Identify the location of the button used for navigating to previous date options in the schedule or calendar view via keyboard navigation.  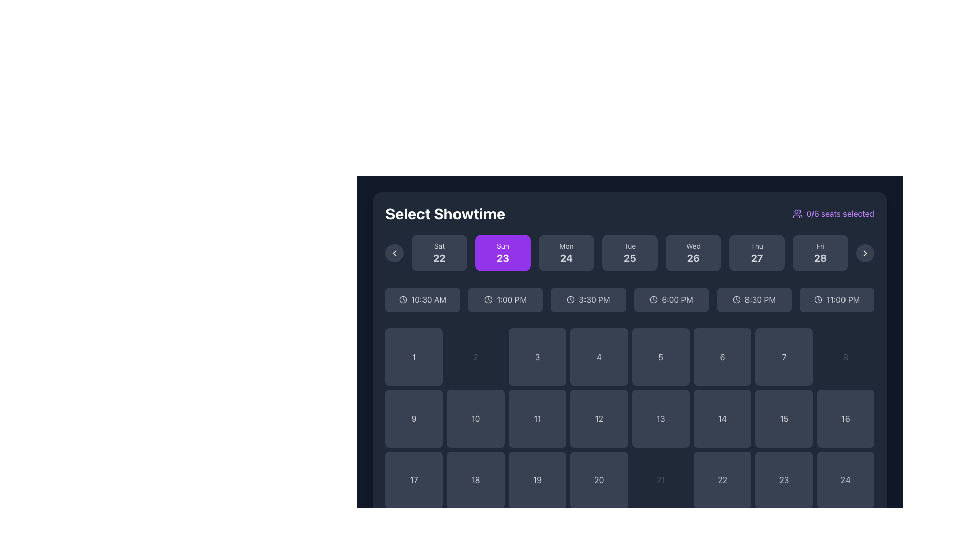
(394, 252).